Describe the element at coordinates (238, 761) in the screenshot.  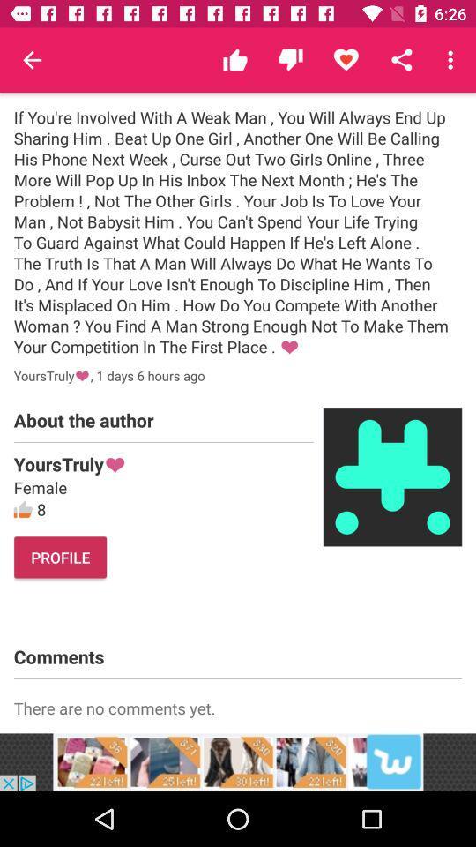
I see `advertisement` at that location.